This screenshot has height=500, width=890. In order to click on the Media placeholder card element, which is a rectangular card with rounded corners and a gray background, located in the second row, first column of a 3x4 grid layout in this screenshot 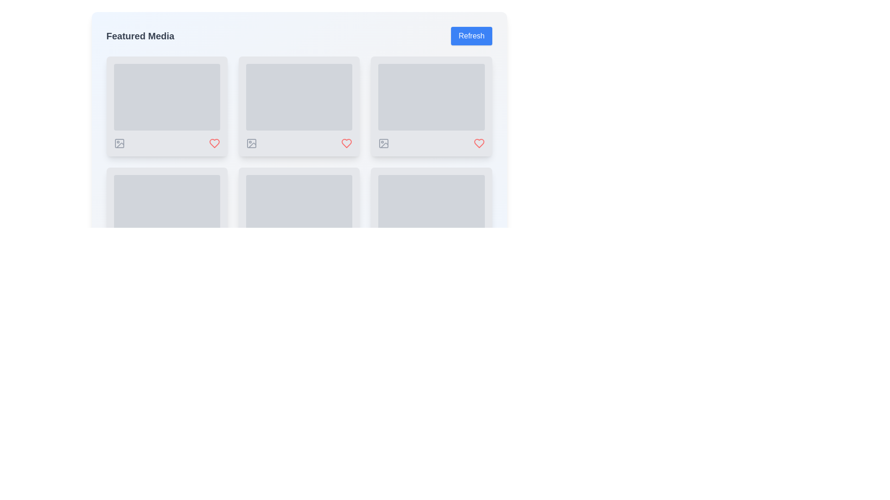, I will do `click(167, 218)`.